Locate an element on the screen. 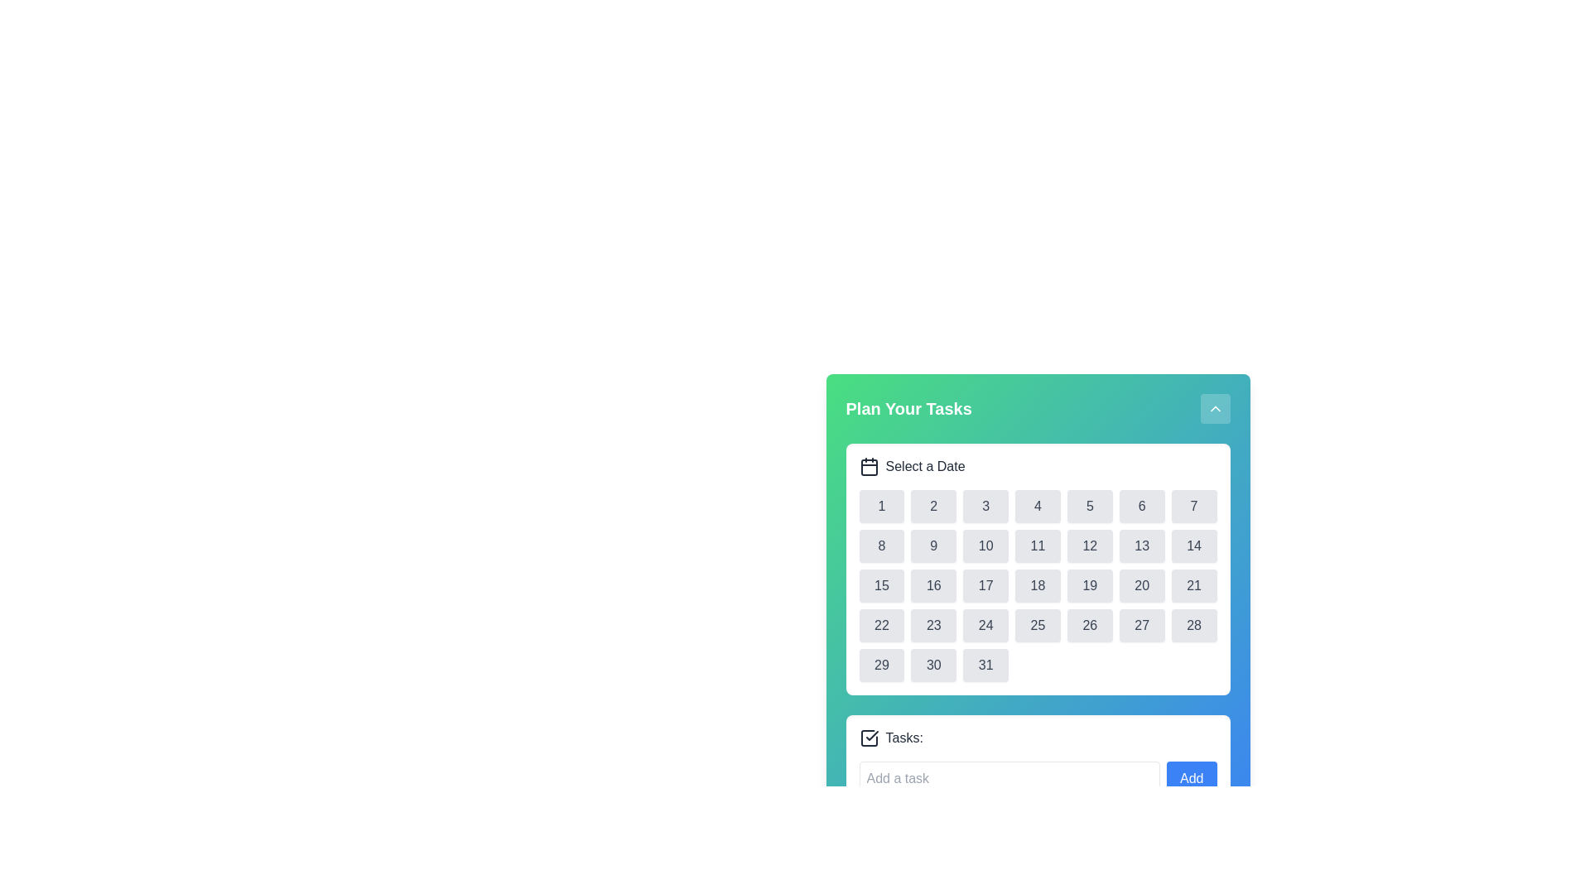 The height and width of the screenshot is (894, 1590). text from the Text Label that indicates the purpose of the associated checkbox for marking tasks as selected or completed, located to the right of the checkbox icon is located at coordinates (903, 737).